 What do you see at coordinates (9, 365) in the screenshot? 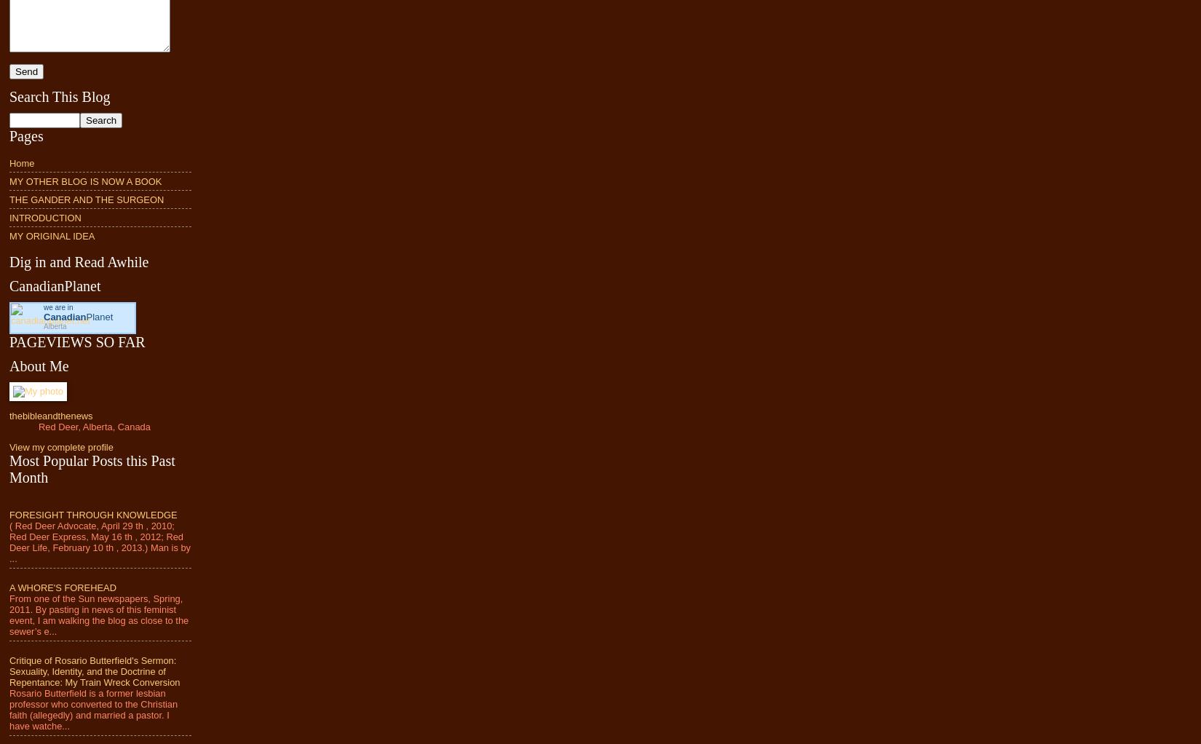
I see `'About Me'` at bounding box center [9, 365].